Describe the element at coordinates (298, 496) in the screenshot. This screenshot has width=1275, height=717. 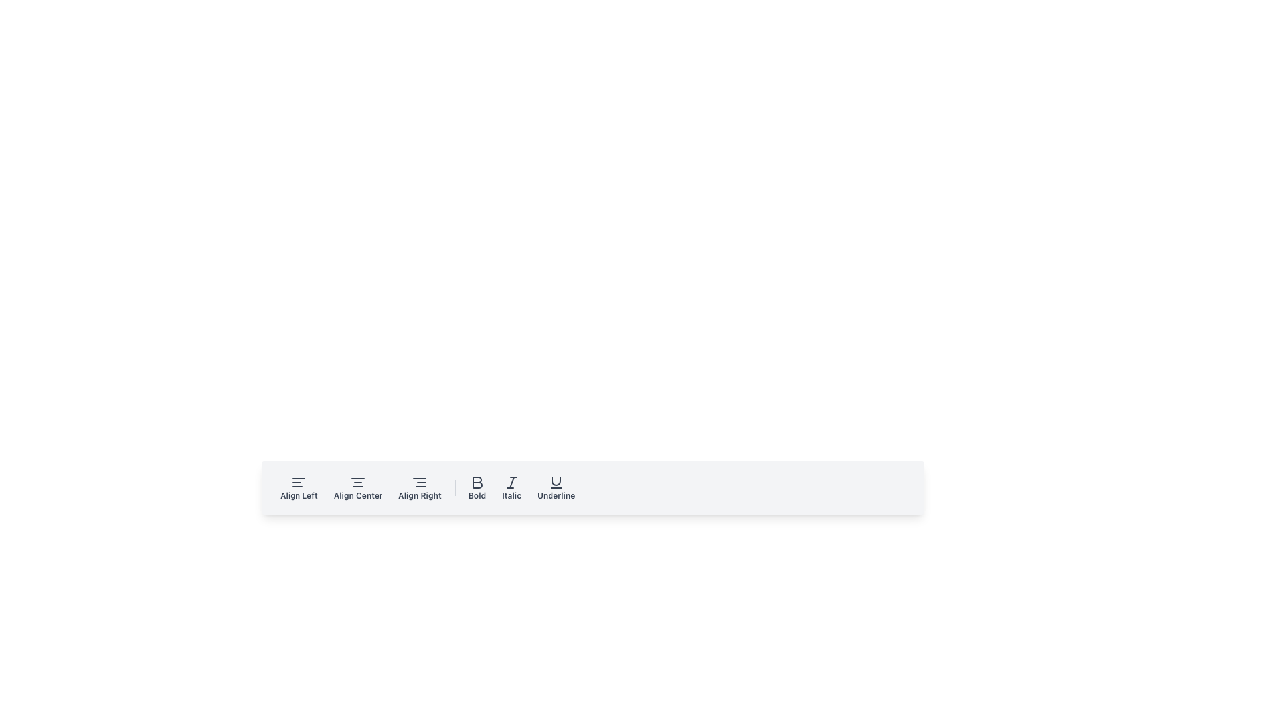
I see `the 'Align Left' text label, which is styled in small bold font and located beneath the left-aligned text icon in the horizontal toolbar of text alignment options` at that location.